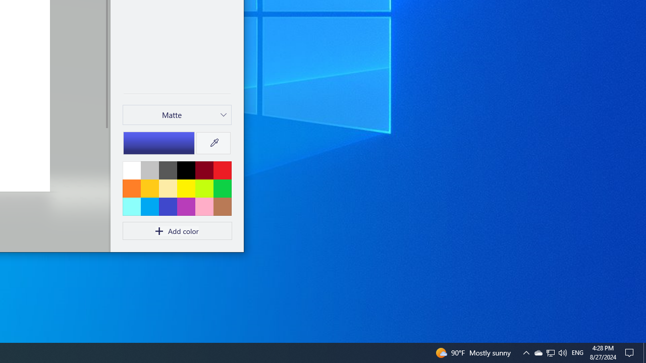  I want to click on 'Brown', so click(222, 206).